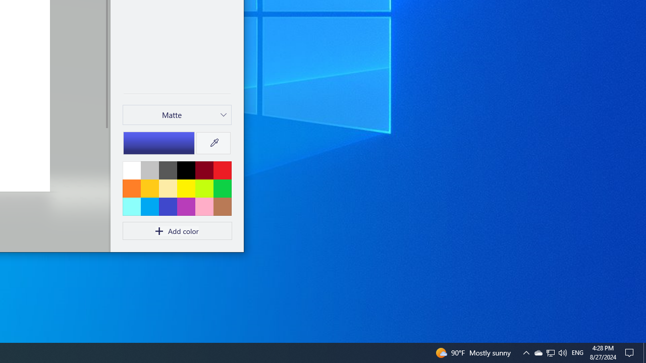  I want to click on 'Brown', so click(222, 206).